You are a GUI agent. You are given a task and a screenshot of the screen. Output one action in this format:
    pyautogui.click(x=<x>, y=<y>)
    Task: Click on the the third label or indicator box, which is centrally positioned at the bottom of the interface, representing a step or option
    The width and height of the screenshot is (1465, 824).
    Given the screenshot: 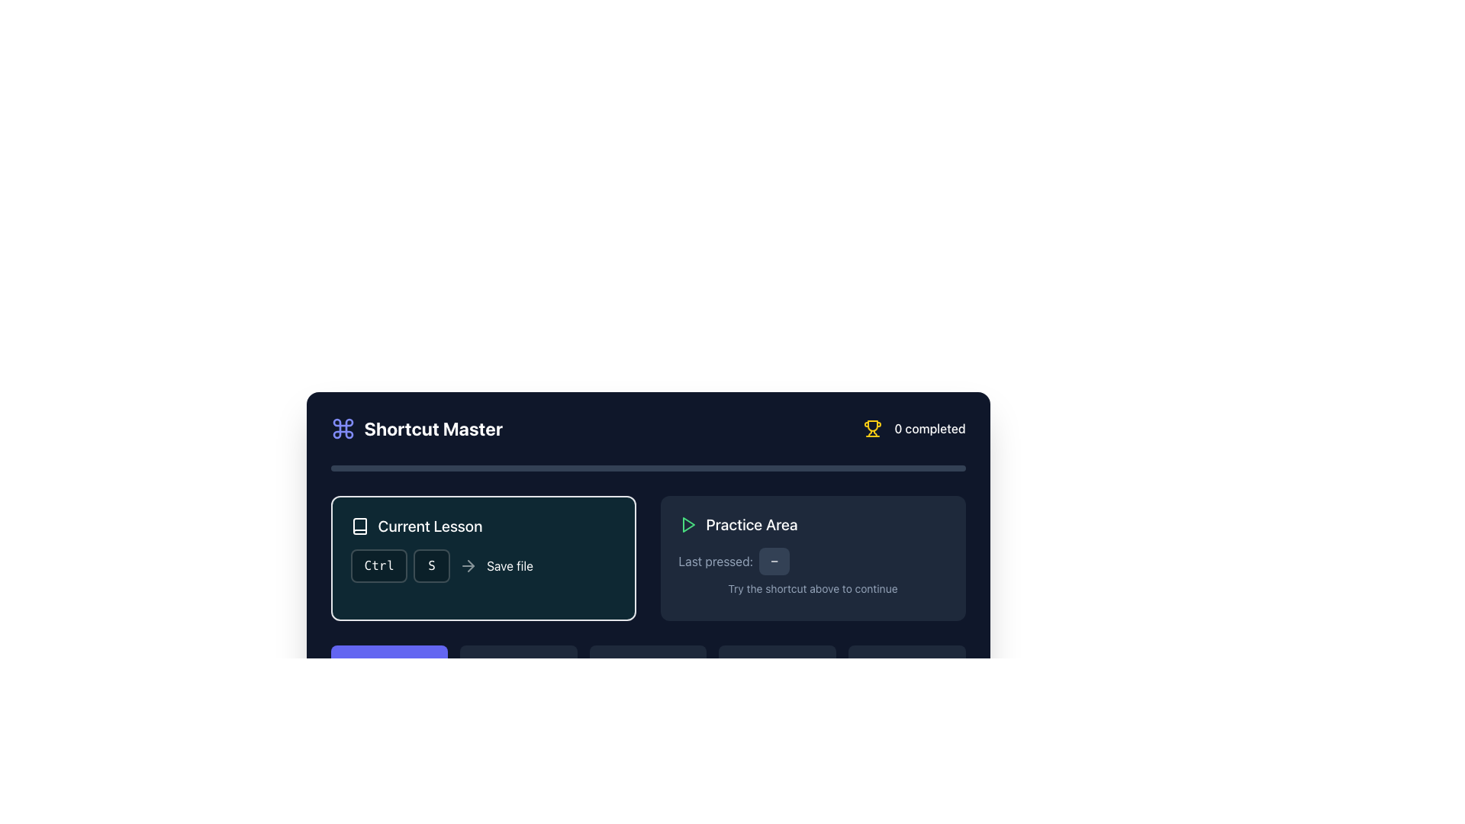 What is the action you would take?
    pyautogui.click(x=648, y=666)
    